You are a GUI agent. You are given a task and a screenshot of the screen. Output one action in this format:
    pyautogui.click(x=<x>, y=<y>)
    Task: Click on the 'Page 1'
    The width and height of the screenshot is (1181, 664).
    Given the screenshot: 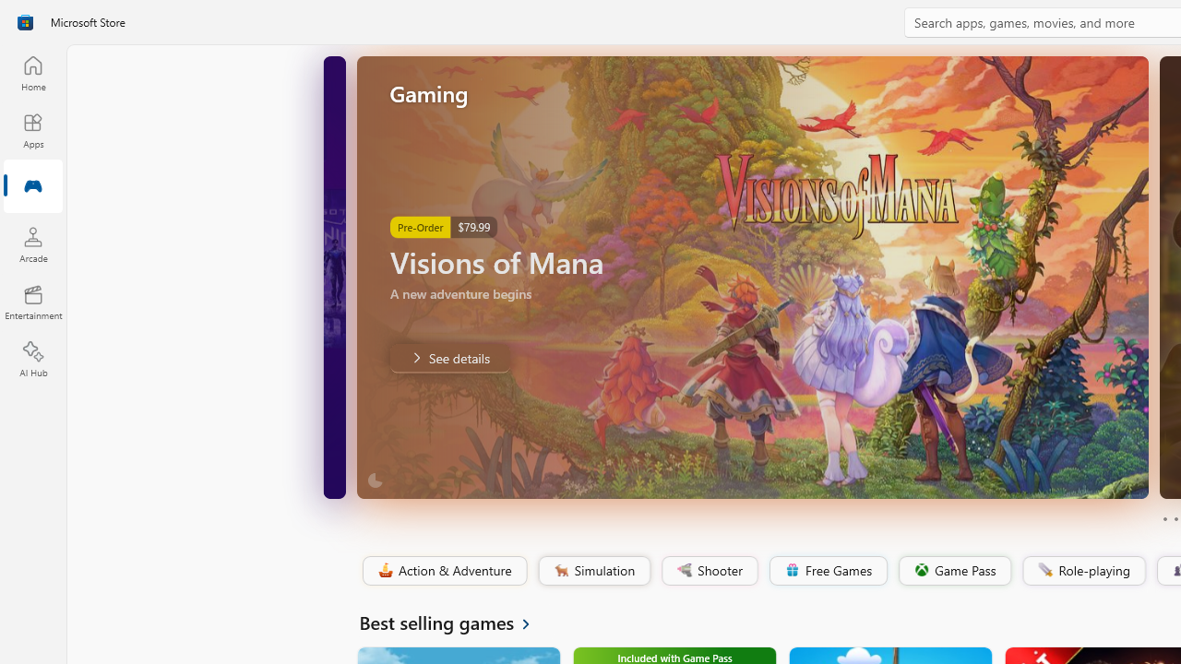 What is the action you would take?
    pyautogui.click(x=1163, y=519)
    